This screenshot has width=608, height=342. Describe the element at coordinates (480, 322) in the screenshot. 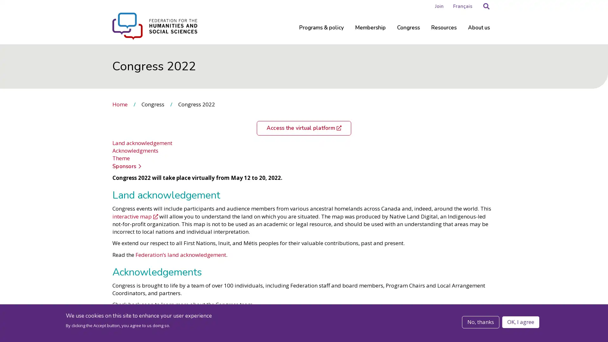

I see `No, thanks` at that location.